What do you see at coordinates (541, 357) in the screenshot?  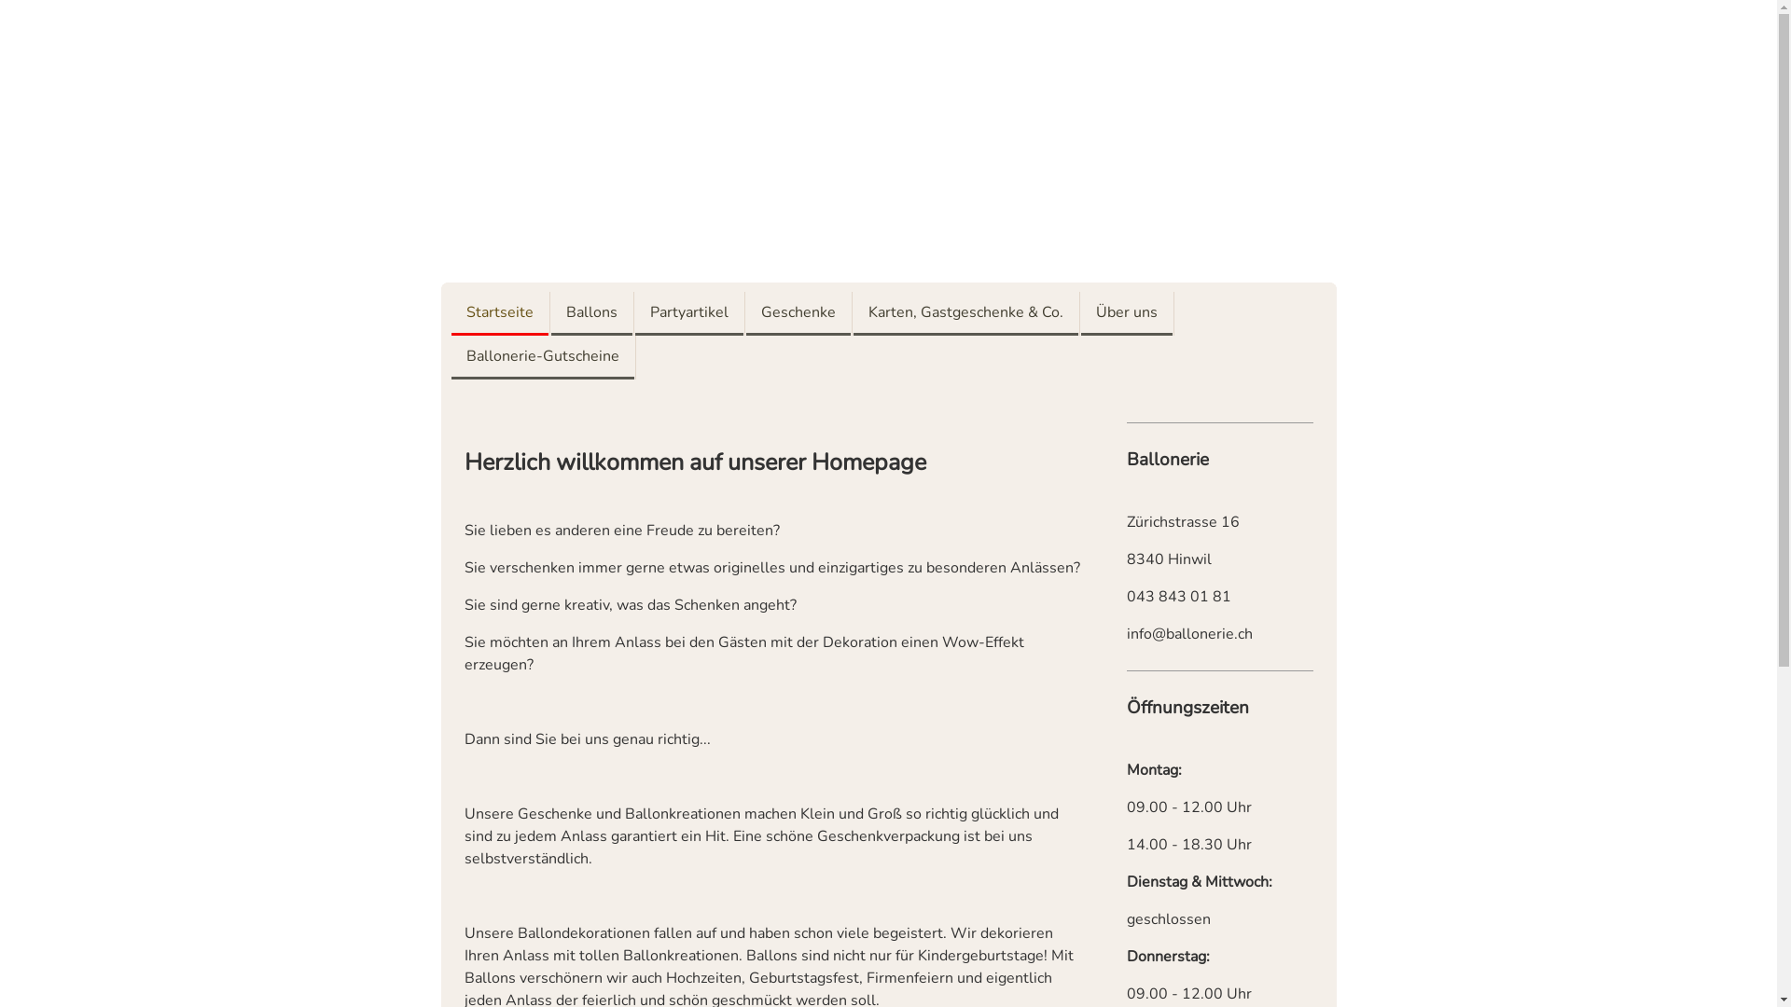 I see `'Ballonerie-Gutscheine'` at bounding box center [541, 357].